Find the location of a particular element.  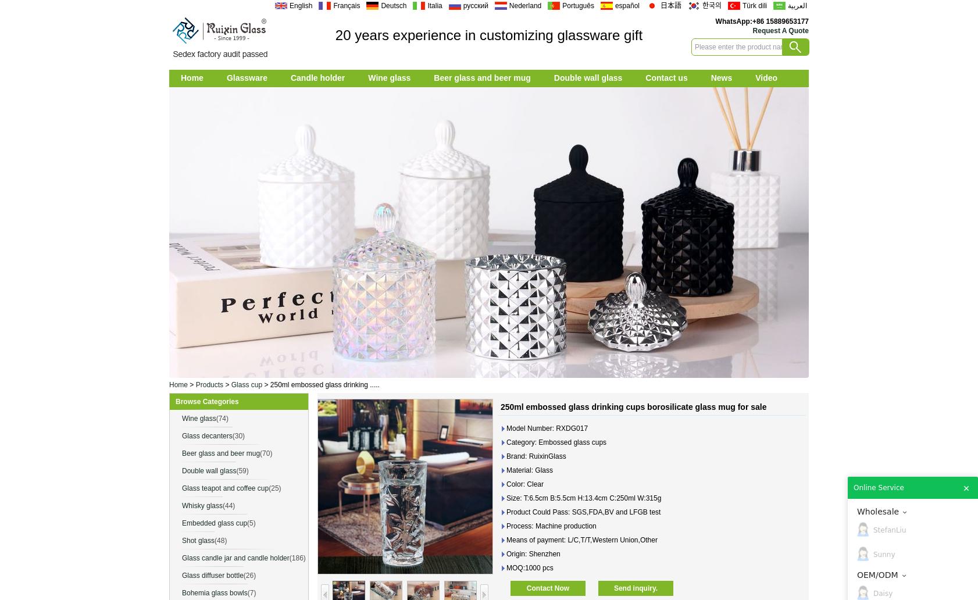

'Contact us' is located at coordinates (665, 77).